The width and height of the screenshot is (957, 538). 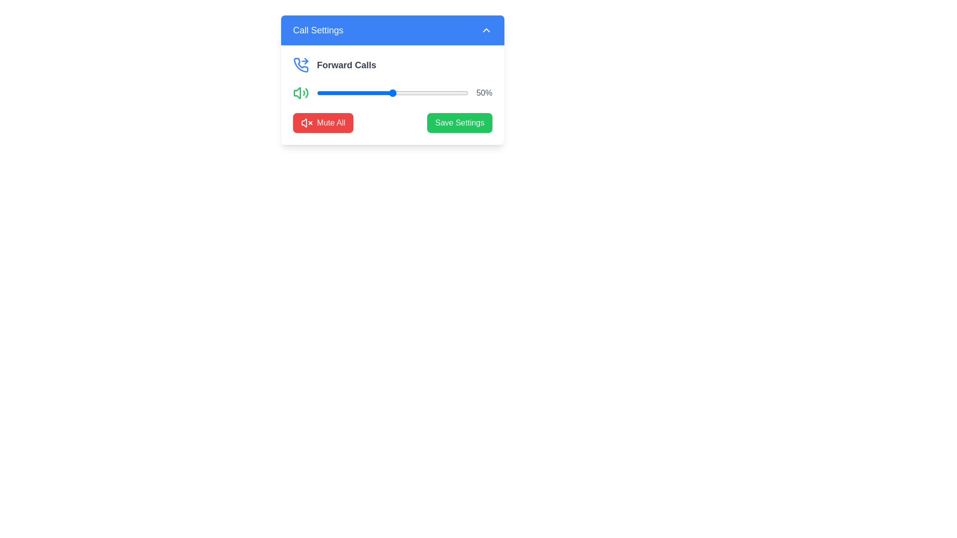 What do you see at coordinates (323, 122) in the screenshot?
I see `the prominent red button labeled 'Mute All' with a speaker icon and 'x', located in the 'Call Settings' section` at bounding box center [323, 122].